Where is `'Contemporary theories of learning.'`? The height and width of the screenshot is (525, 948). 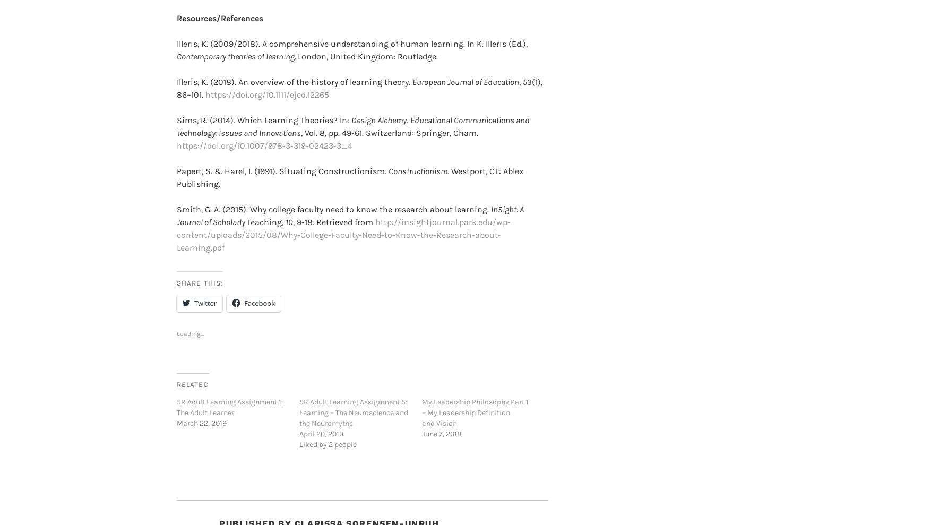
'Contemporary theories of learning.' is located at coordinates (237, 39).